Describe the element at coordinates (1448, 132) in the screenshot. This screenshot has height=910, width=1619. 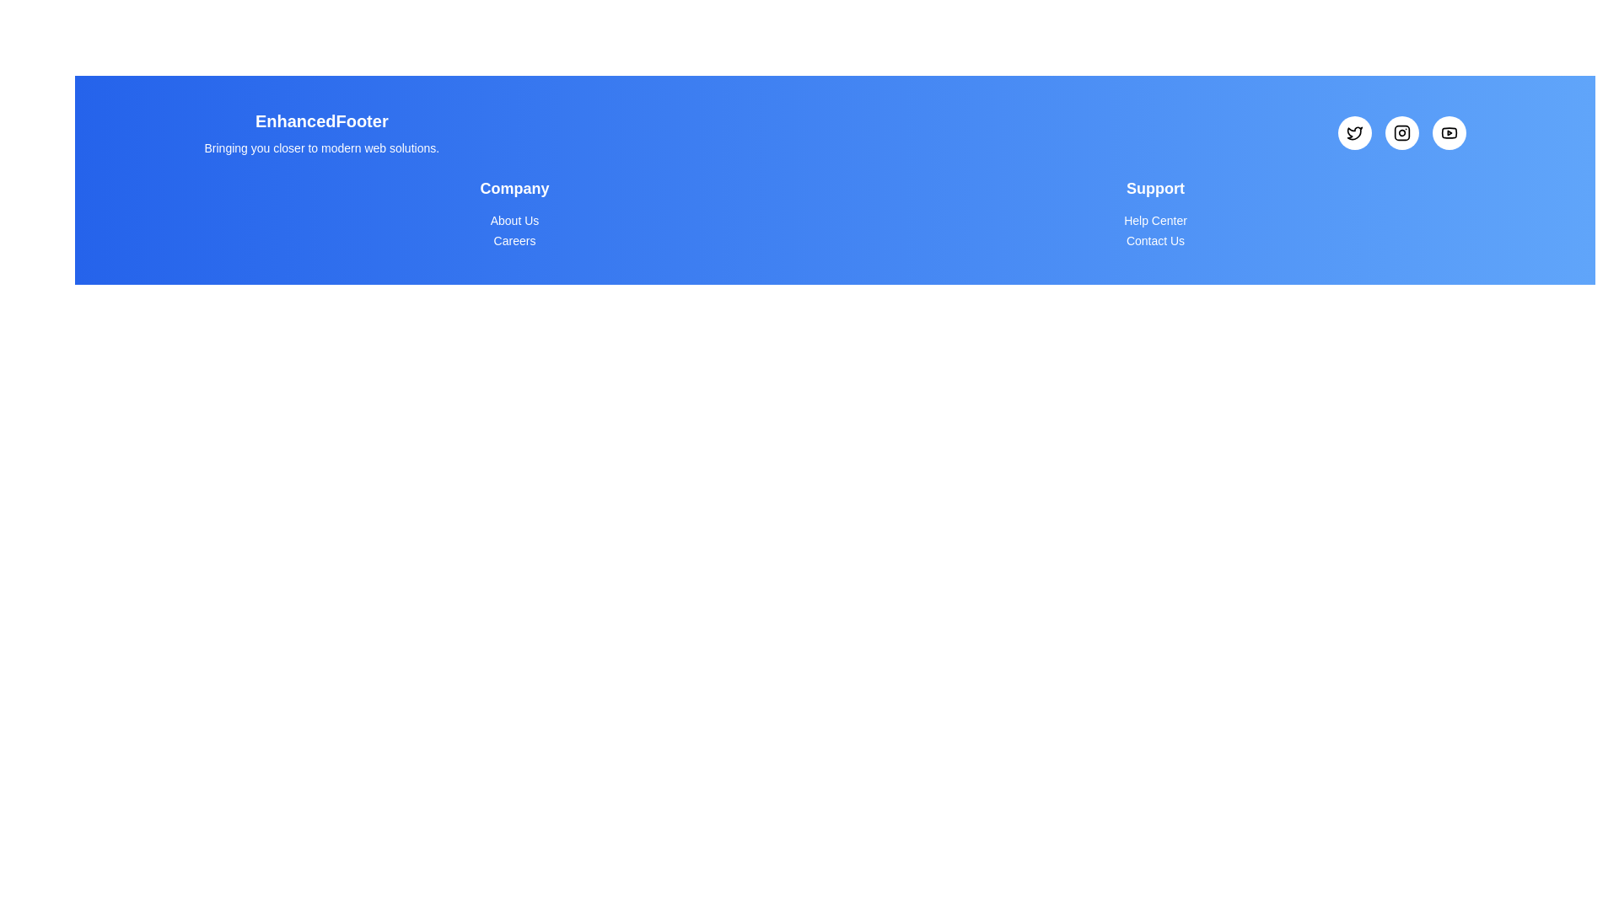
I see `the circular button with a white background and a black YouTube play icon, which is the third button in the horizontal alignment of social media buttons in the footer section` at that location.